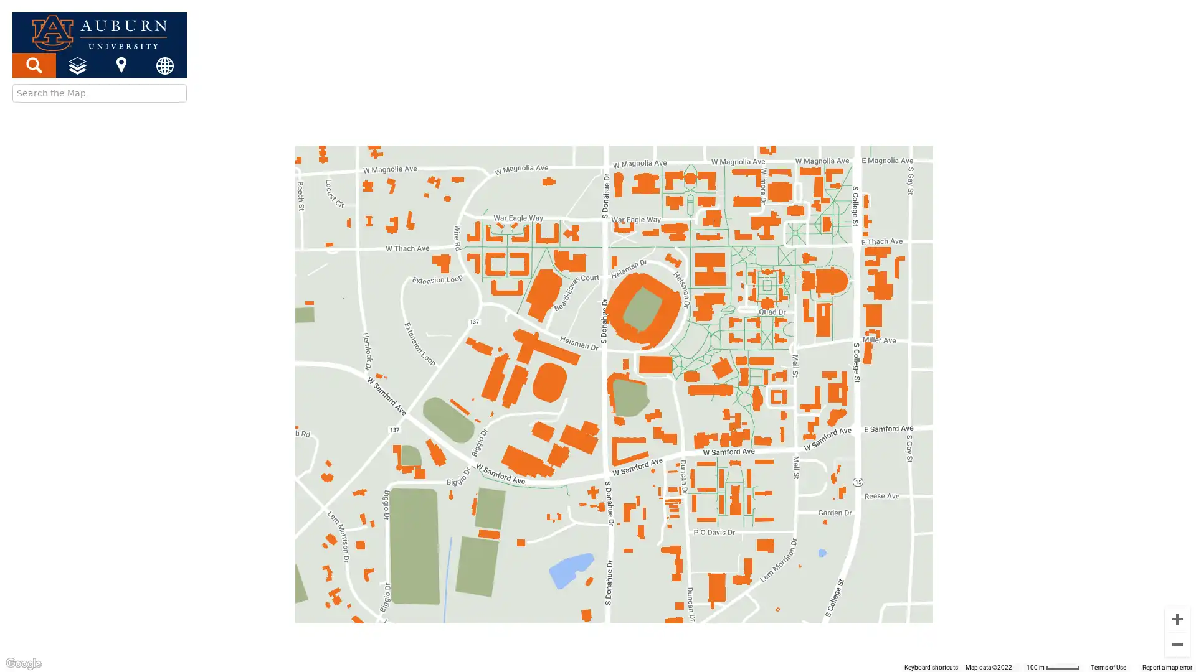 The width and height of the screenshot is (1196, 672). Describe the element at coordinates (1177, 644) in the screenshot. I see `Zoom out` at that location.